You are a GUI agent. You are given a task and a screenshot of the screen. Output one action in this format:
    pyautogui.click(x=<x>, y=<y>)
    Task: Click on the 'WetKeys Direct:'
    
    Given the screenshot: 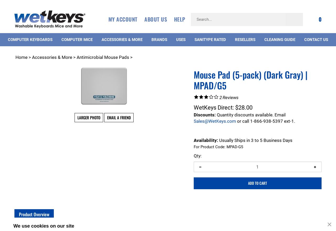 What is the action you would take?
    pyautogui.click(x=213, y=107)
    